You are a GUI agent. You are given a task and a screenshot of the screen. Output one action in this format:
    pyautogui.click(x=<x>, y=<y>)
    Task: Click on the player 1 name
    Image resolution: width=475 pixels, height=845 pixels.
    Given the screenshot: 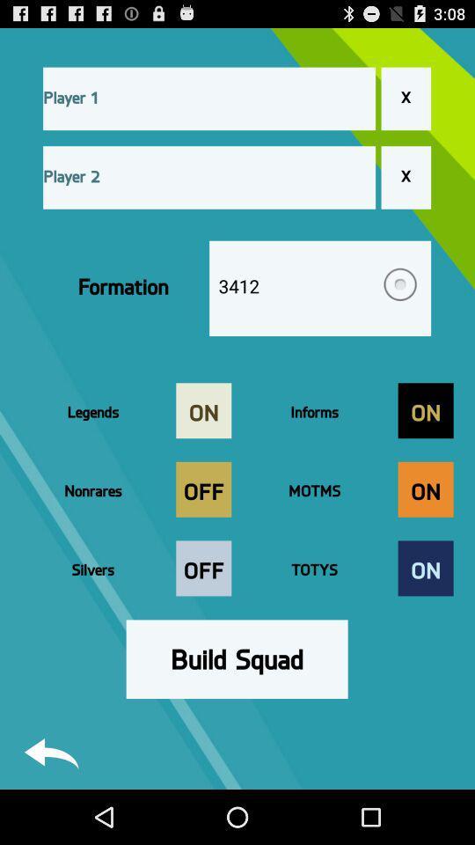 What is the action you would take?
    pyautogui.click(x=209, y=98)
    